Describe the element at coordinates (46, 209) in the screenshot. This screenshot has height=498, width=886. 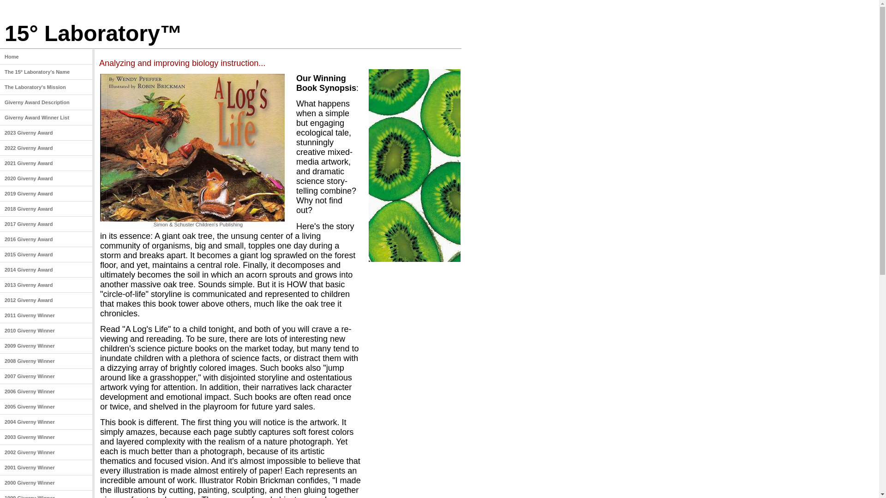
I see `'2018 Giverny Award'` at that location.